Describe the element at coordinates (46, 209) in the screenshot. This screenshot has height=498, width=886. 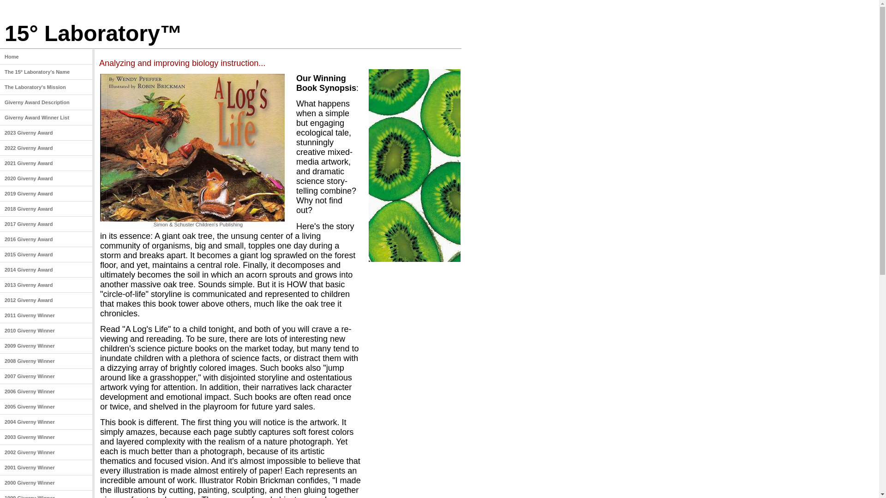
I see `'2018 Giverny Award'` at that location.